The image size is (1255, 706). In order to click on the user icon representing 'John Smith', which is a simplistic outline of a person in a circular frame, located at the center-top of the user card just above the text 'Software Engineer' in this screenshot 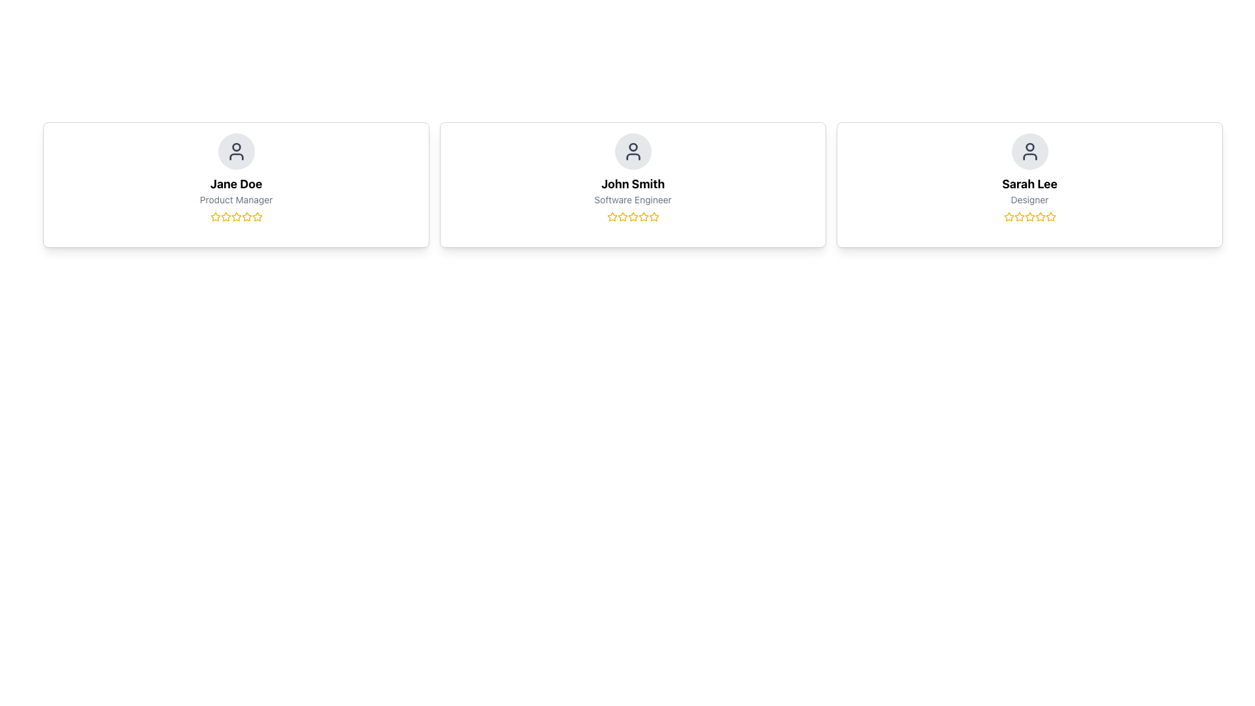, I will do `click(236, 150)`.